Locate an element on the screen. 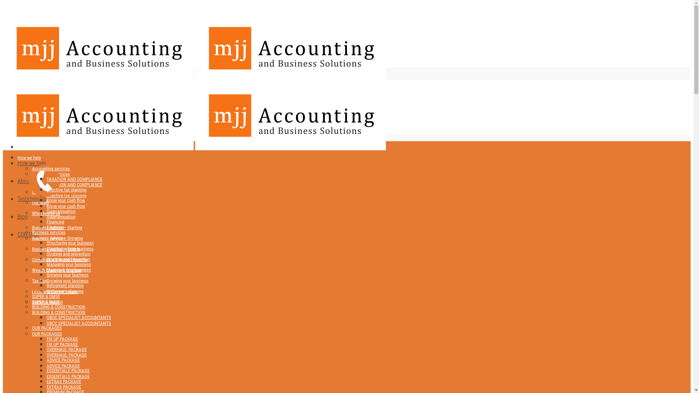  'ESSENTIALS PACKAGE' is located at coordinates (46, 370).